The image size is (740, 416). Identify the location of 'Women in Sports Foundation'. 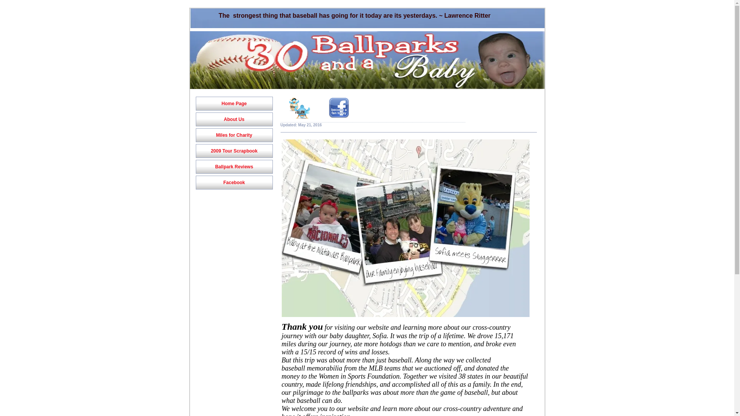
(318, 376).